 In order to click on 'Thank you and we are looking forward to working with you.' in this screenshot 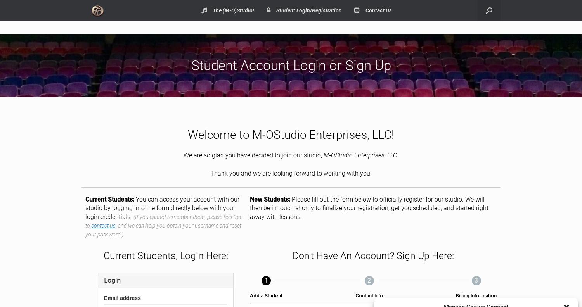, I will do `click(291, 172)`.